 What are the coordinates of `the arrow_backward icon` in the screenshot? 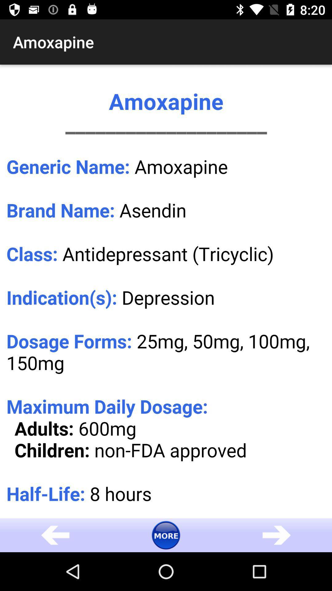 It's located at (55, 535).